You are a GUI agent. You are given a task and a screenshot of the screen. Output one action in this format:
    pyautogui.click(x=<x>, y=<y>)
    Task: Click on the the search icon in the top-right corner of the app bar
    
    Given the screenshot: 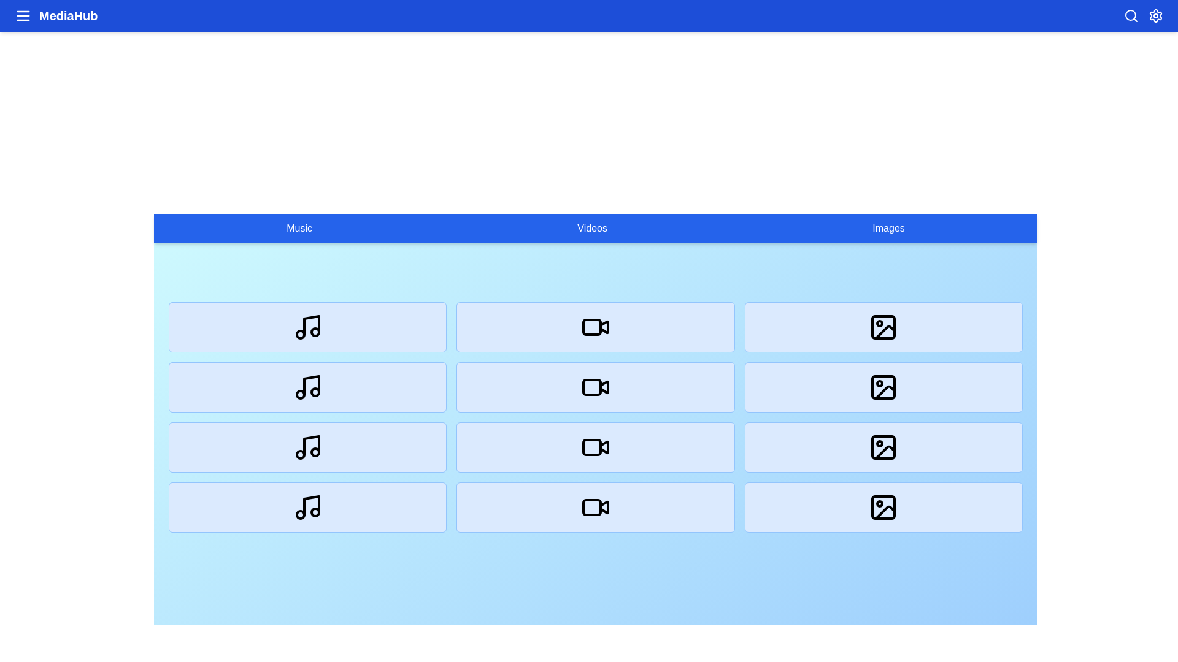 What is the action you would take?
    pyautogui.click(x=1130, y=16)
    